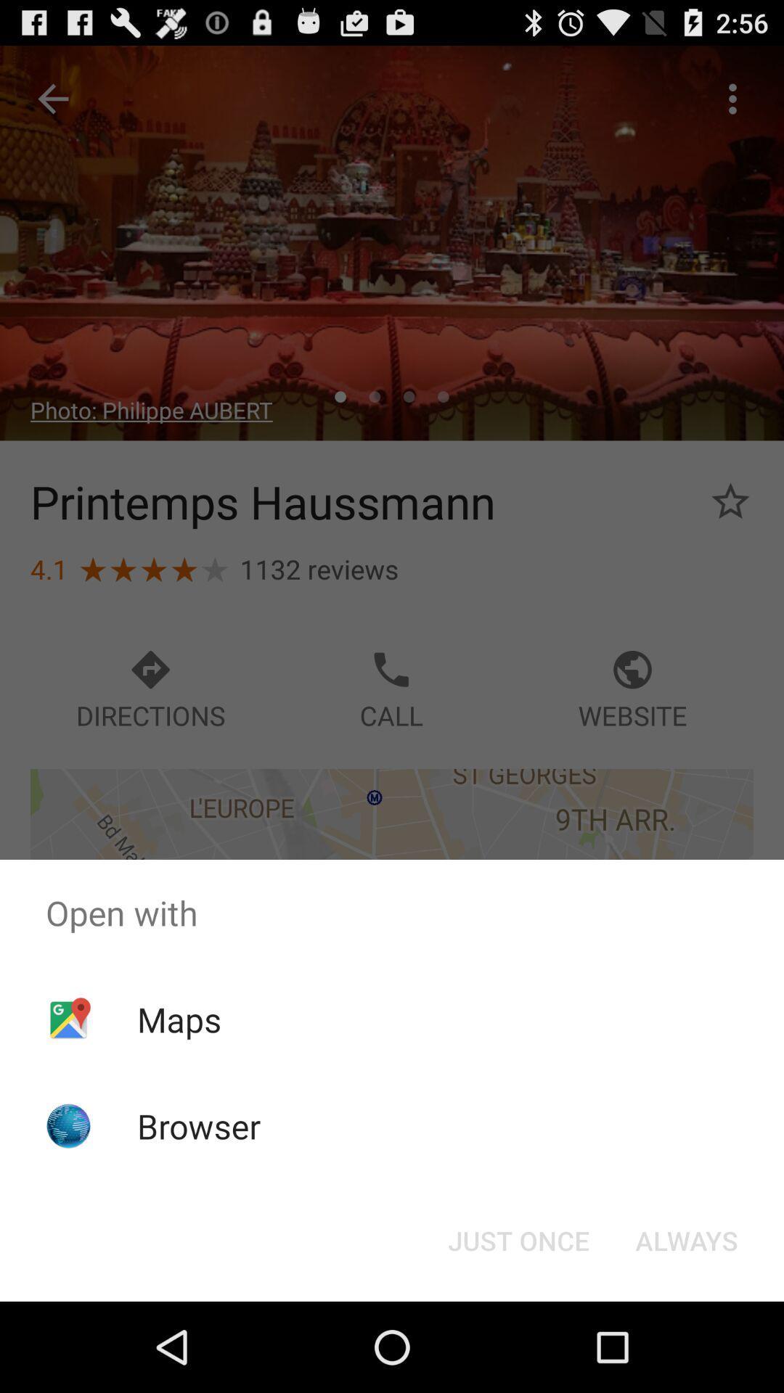 This screenshot has width=784, height=1393. I want to click on the icon below open with, so click(518, 1239).